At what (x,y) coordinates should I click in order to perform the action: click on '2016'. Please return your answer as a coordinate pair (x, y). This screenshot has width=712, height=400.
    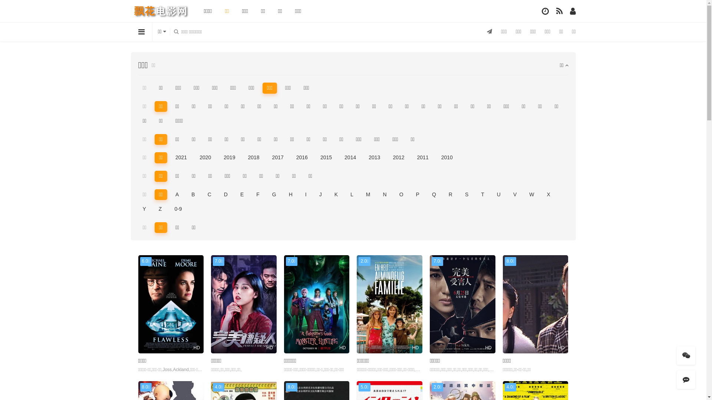
    Looking at the image, I should click on (302, 157).